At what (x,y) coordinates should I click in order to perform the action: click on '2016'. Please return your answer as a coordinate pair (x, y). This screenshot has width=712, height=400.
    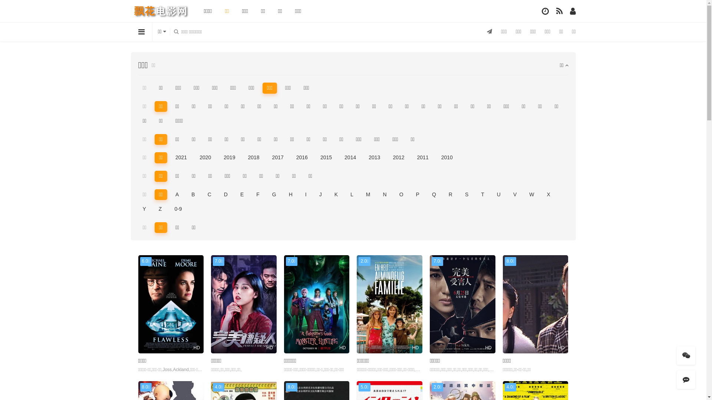
    Looking at the image, I should click on (302, 157).